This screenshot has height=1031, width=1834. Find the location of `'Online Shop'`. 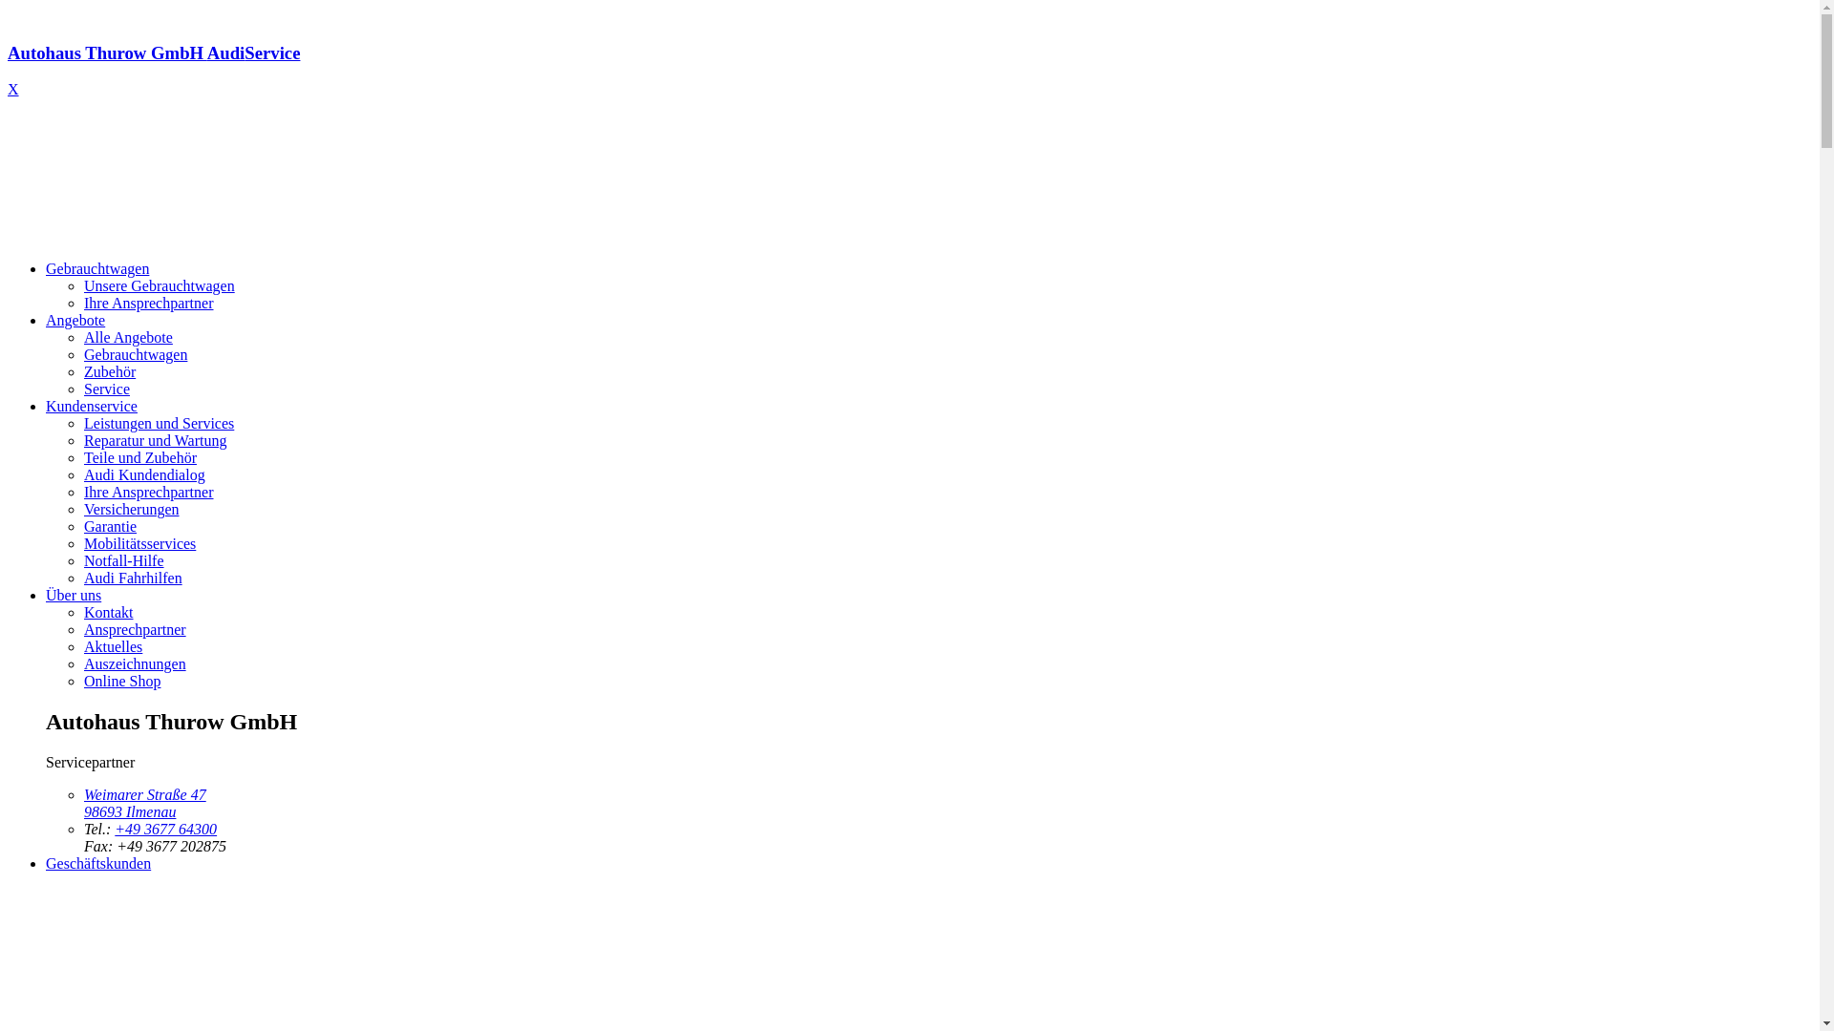

'Online Shop' is located at coordinates (82, 680).